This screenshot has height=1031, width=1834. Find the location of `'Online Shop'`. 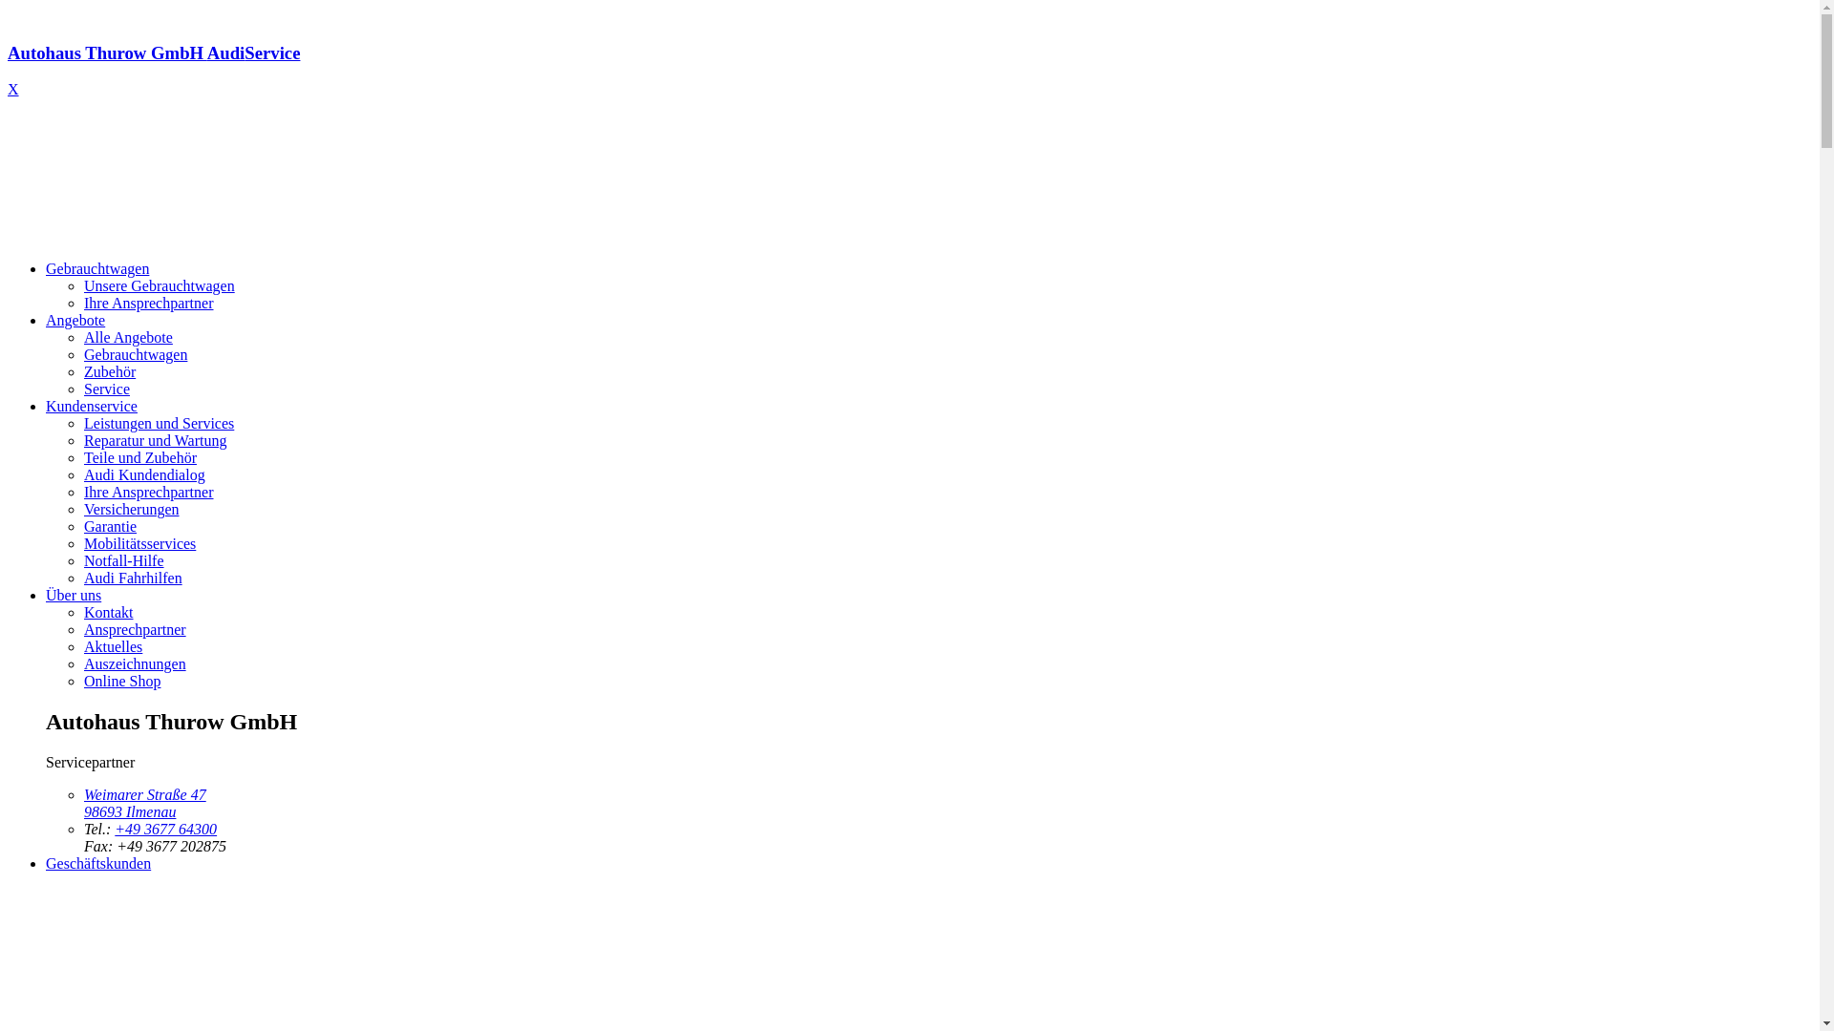

'Online Shop' is located at coordinates (82, 680).